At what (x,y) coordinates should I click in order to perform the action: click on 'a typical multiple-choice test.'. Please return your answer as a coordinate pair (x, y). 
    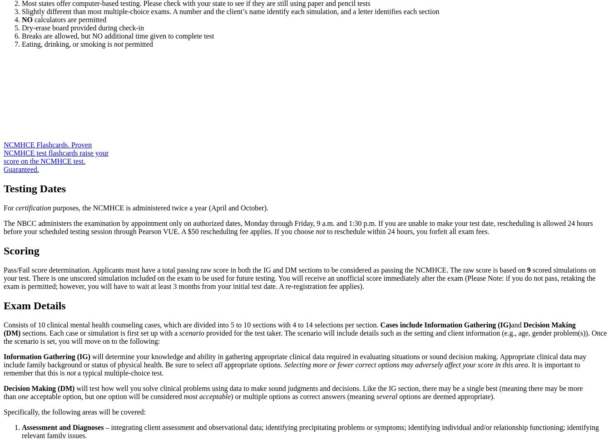
    Looking at the image, I should click on (119, 372).